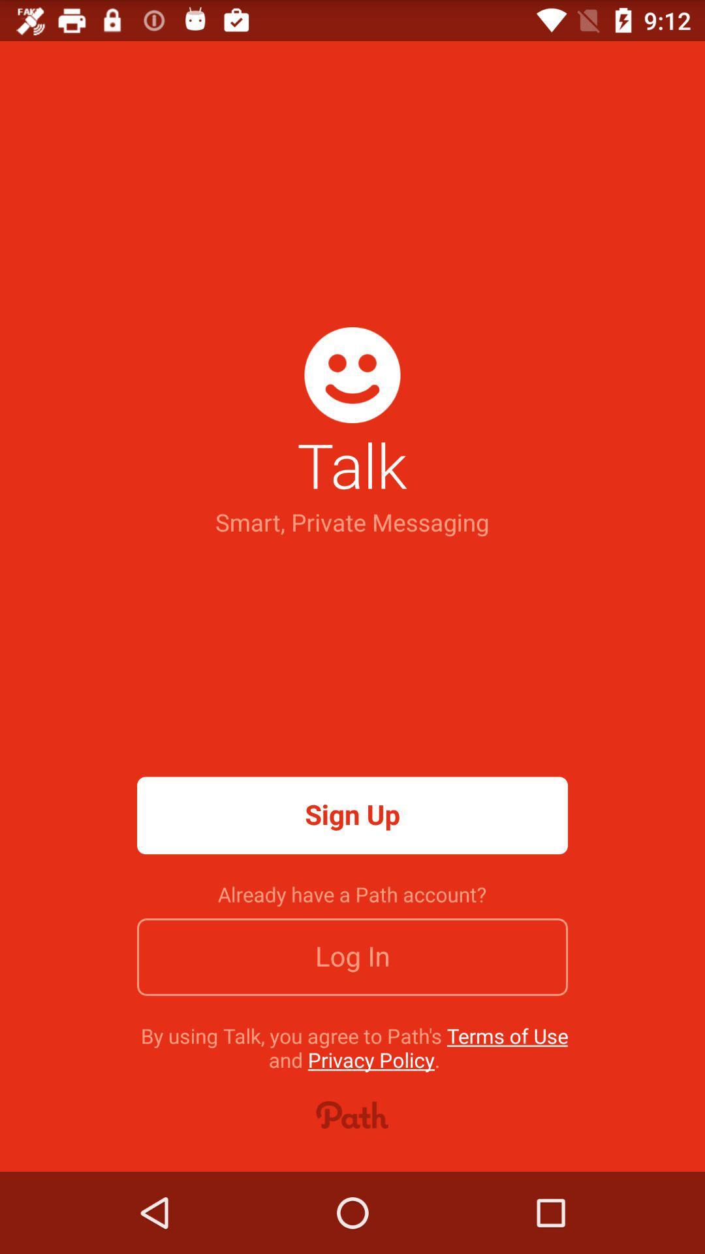 The height and width of the screenshot is (1254, 705). What do you see at coordinates (352, 957) in the screenshot?
I see `the log in item` at bounding box center [352, 957].